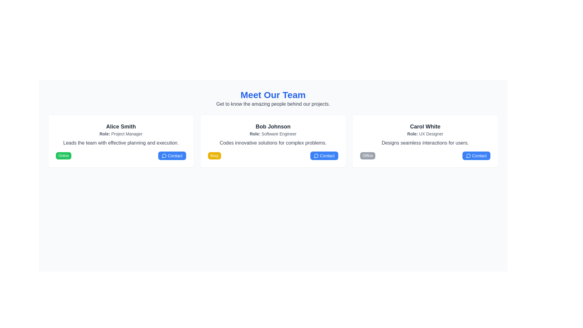 This screenshot has height=328, width=583. What do you see at coordinates (105, 133) in the screenshot?
I see `the static text label that introduces the role of 'Project Manager' for 'Alice Smith' located in the leftmost card` at bounding box center [105, 133].